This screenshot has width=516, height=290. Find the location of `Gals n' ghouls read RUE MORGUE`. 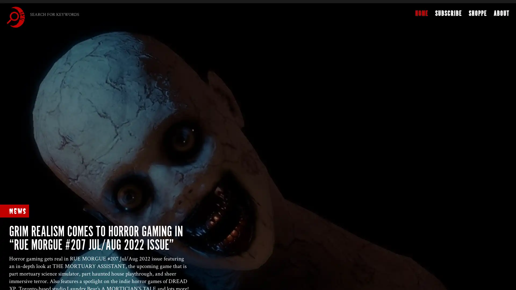

Gals n' ghouls read RUE MORGUE is located at coordinates (225, 94).